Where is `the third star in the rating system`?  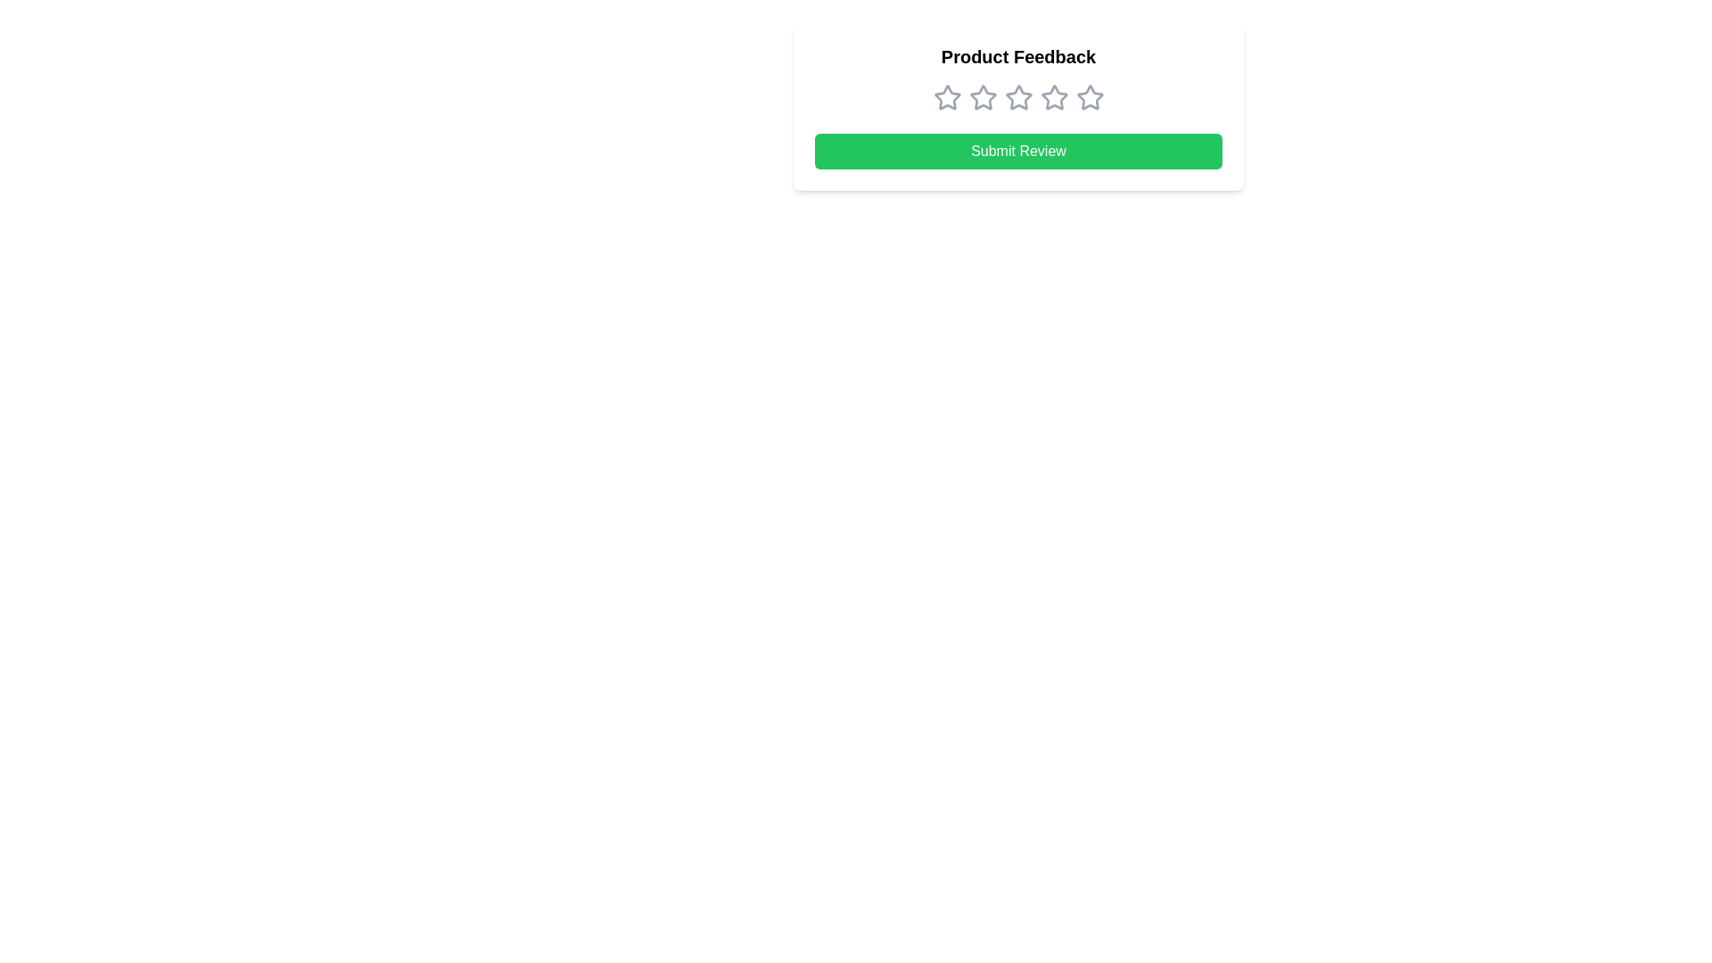
the third star in the rating system is located at coordinates (1018, 97).